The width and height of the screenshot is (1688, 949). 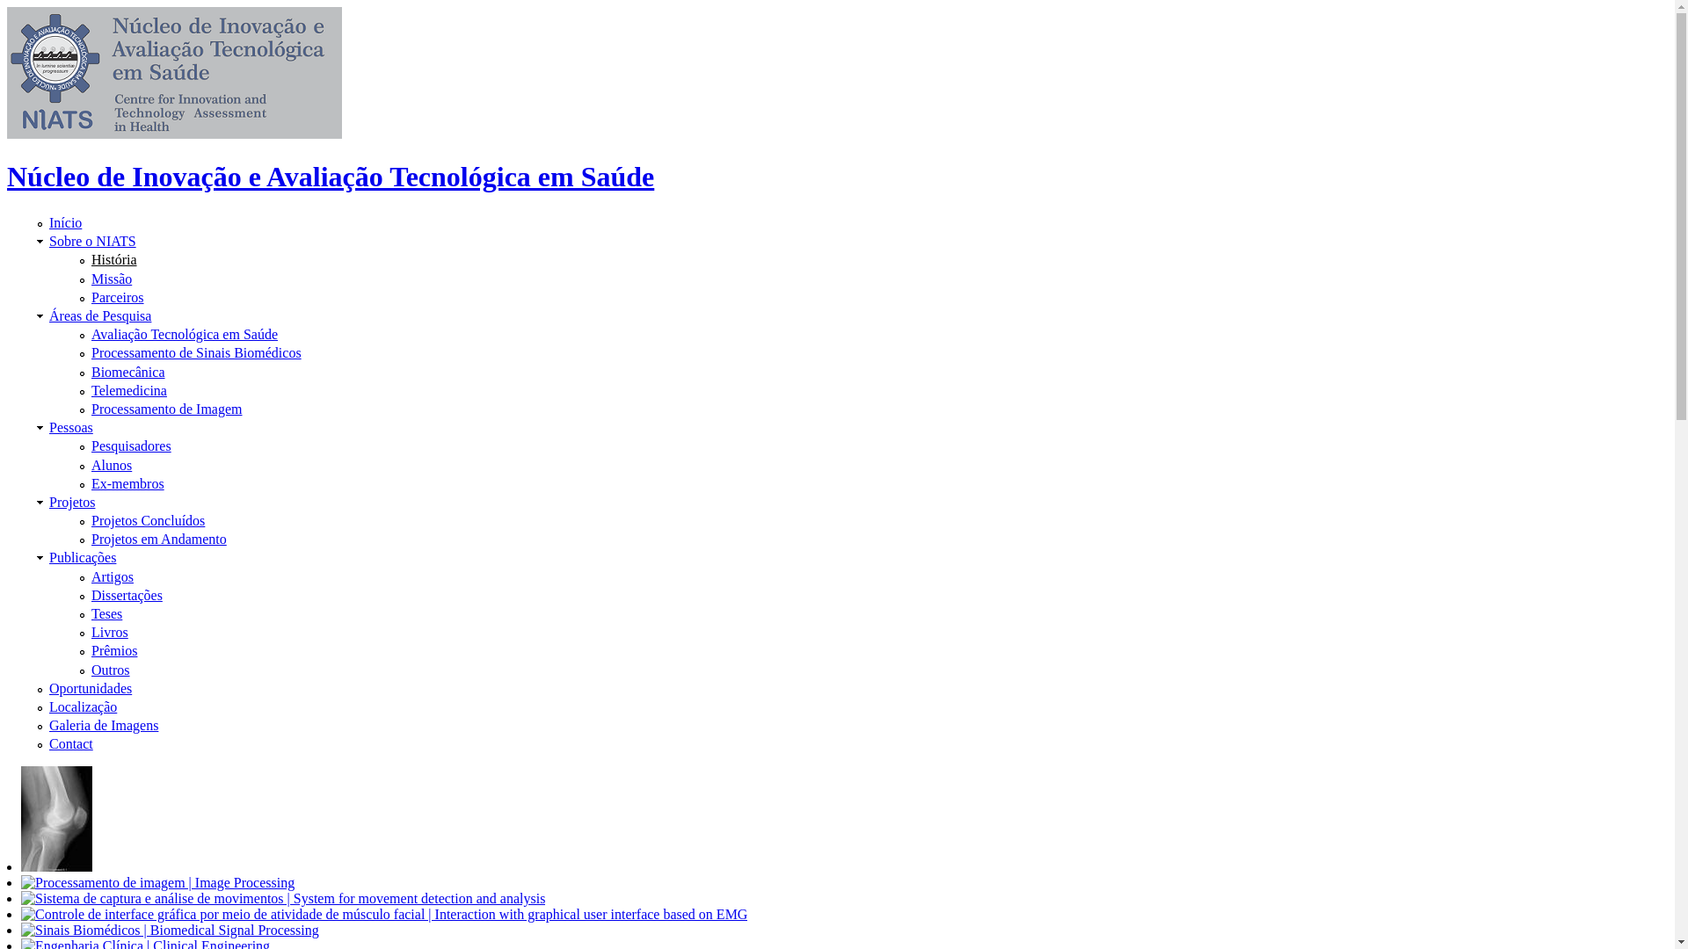 What do you see at coordinates (109, 670) in the screenshot?
I see `'Outros'` at bounding box center [109, 670].